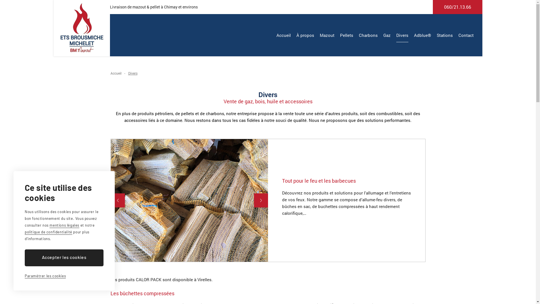 The width and height of the screenshot is (540, 304). What do you see at coordinates (132, 73) in the screenshot?
I see `'Divers'` at bounding box center [132, 73].